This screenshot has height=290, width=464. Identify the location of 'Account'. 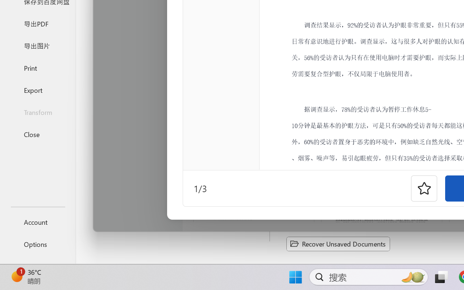
(37, 222).